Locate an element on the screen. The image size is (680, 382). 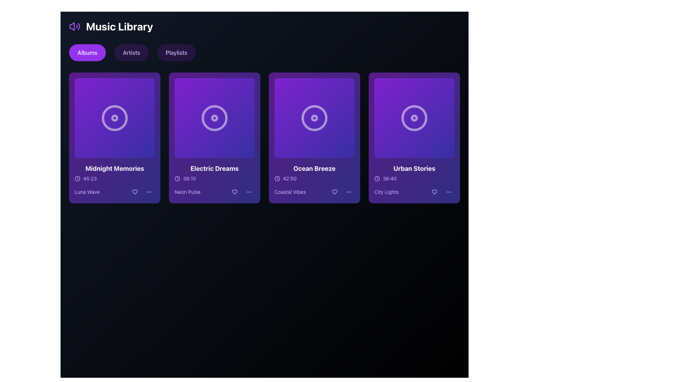
the small circular clock icon with a gray outline located on the second card in the horizontal list, positioned to the left of the text '38:15' is located at coordinates (177, 178).